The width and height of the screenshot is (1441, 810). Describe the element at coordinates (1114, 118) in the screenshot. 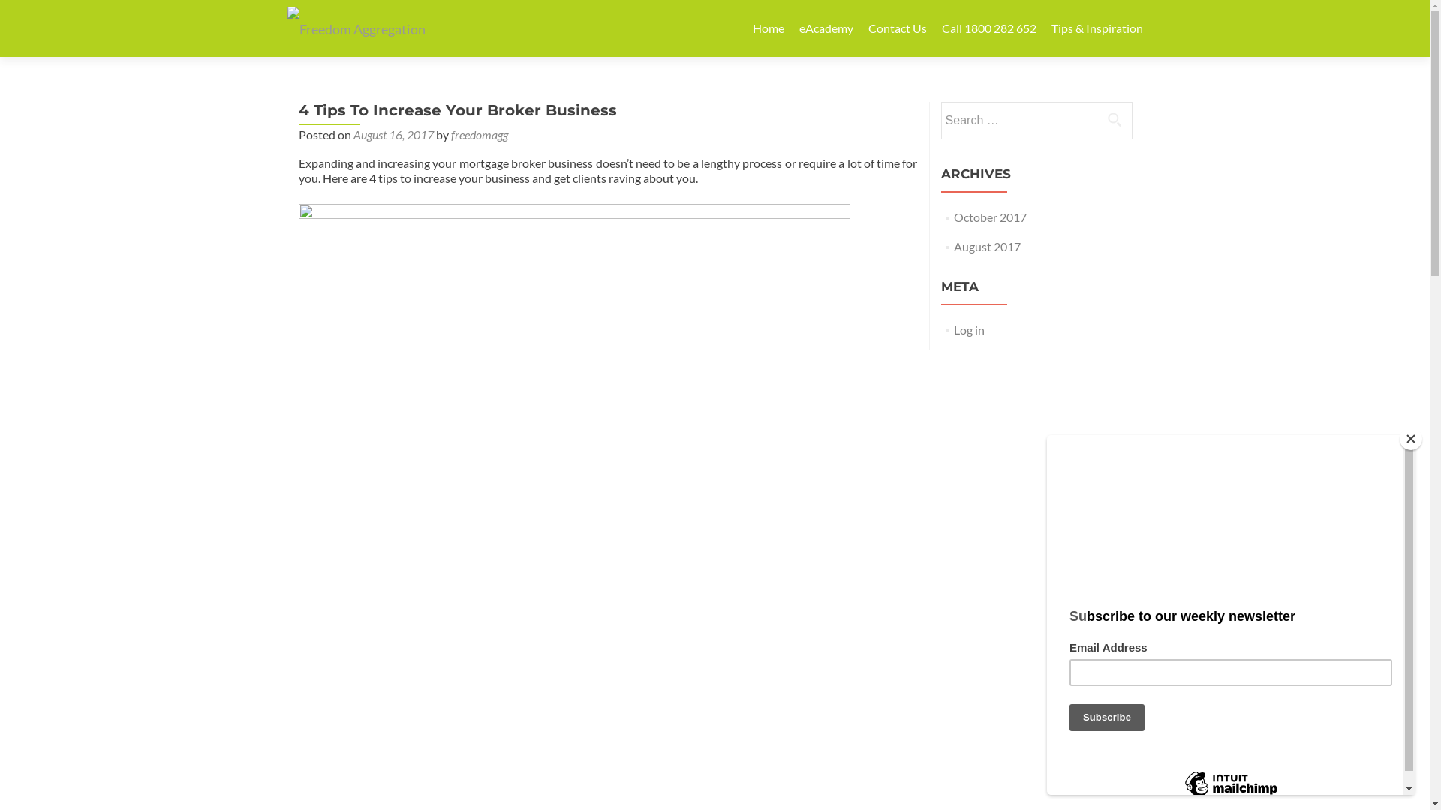

I see `'Search'` at that location.